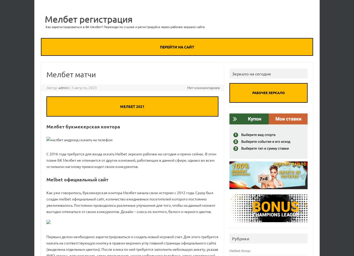 Image resolution: width=354 pixels, height=256 pixels. I want to click on 'С 2016 года требуется для входа искать Melbet зеркало рабочее на сегодня и прямо сейчас. В этом плане БК Мелбет не отличается от других компаний, работающих в данной сфере, однако во всем остальном наголову превосходит своих конкурентов.', so click(46, 160).